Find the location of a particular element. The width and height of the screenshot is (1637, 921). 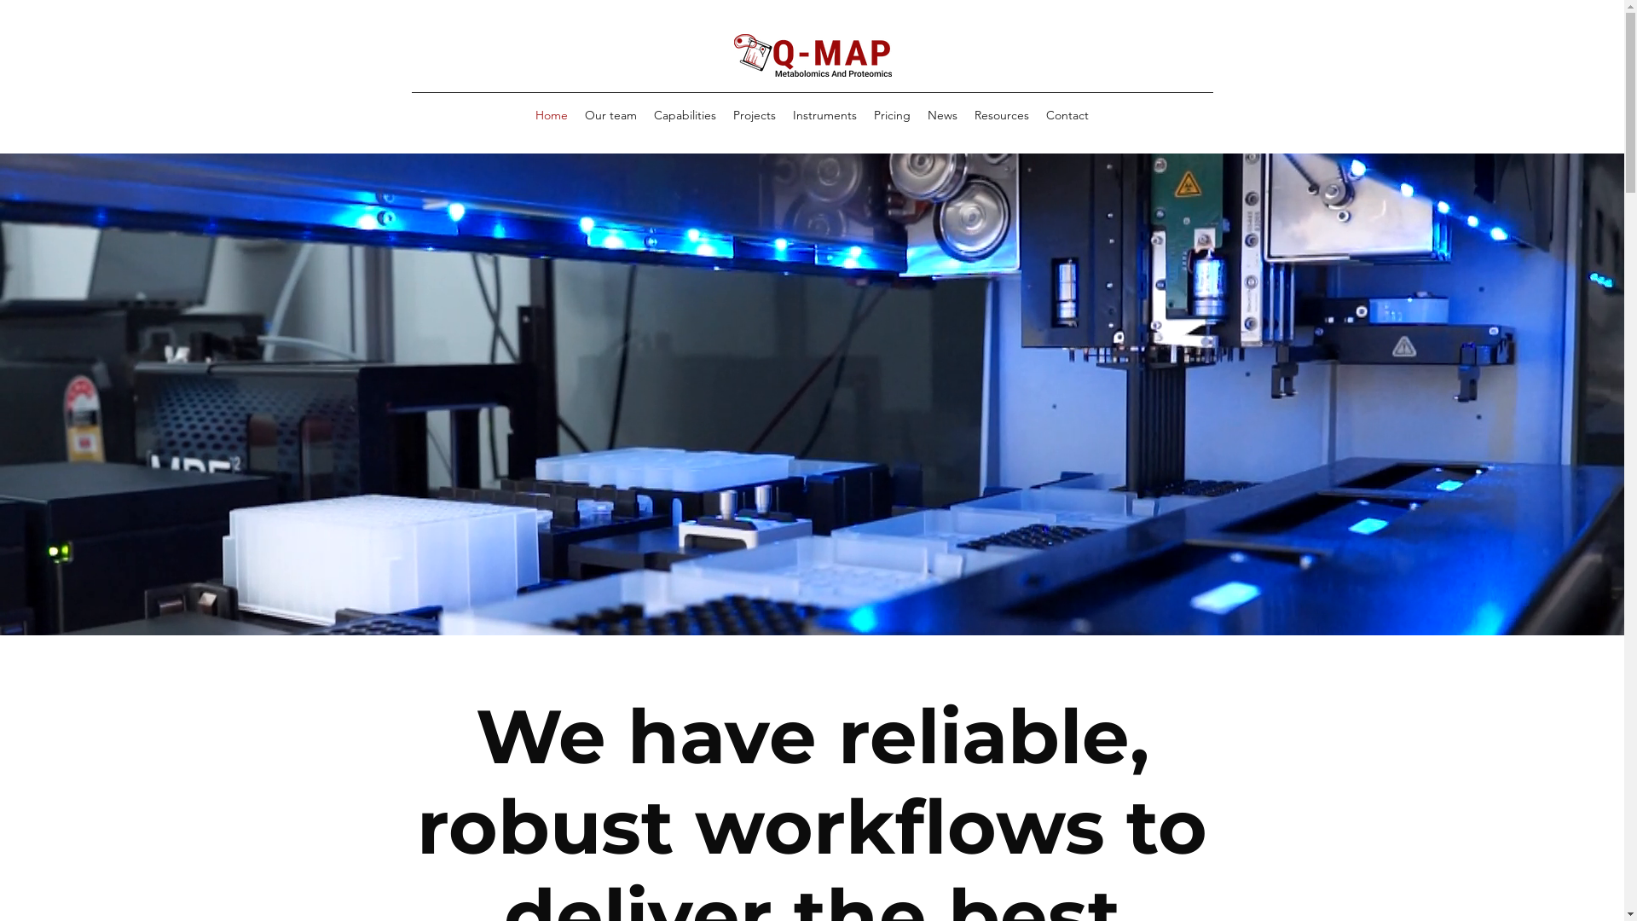

'Contact' is located at coordinates (1067, 115).